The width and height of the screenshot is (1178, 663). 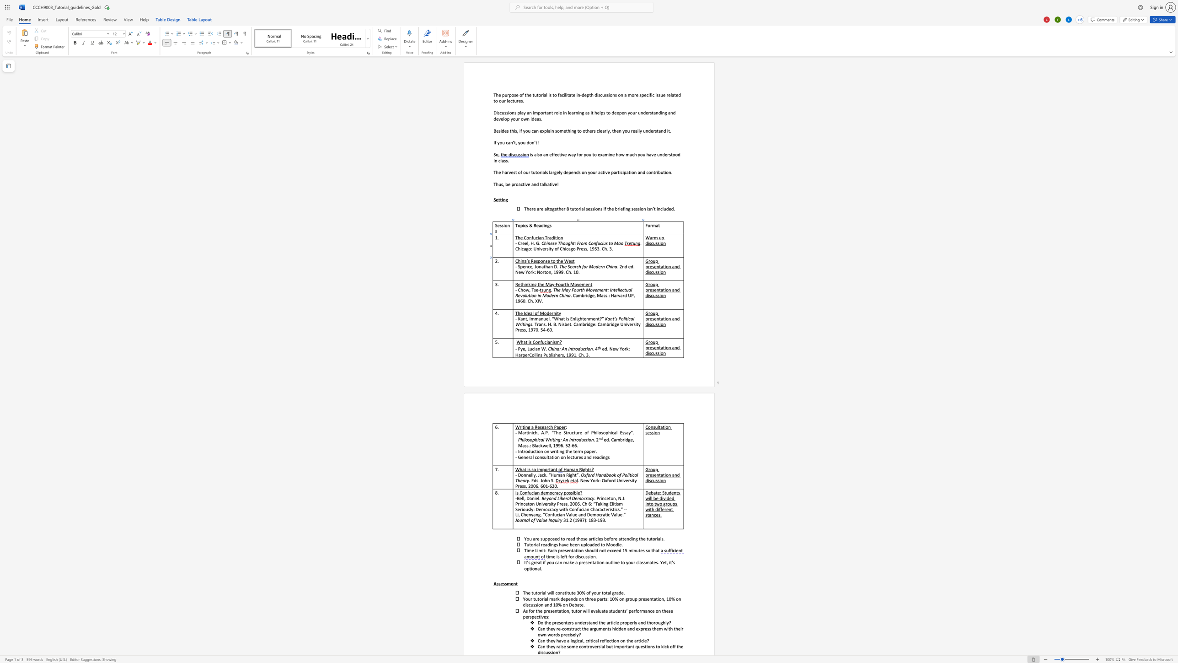 What do you see at coordinates (543, 225) in the screenshot?
I see `the space between the continuous character "d" and "i" in the text` at bounding box center [543, 225].